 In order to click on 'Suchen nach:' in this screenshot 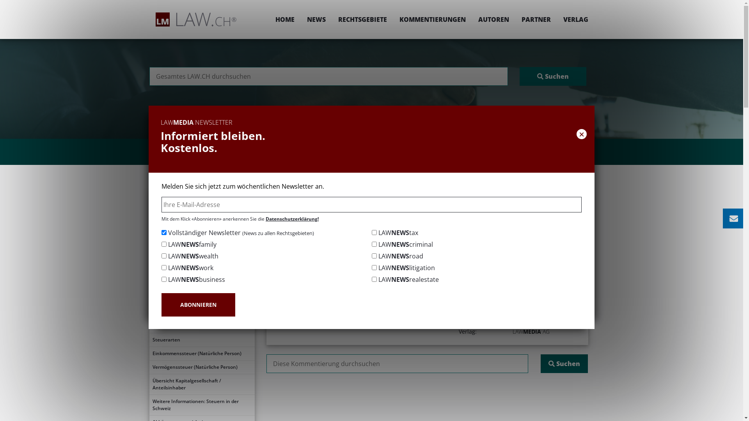, I will do `click(266, 364)`.